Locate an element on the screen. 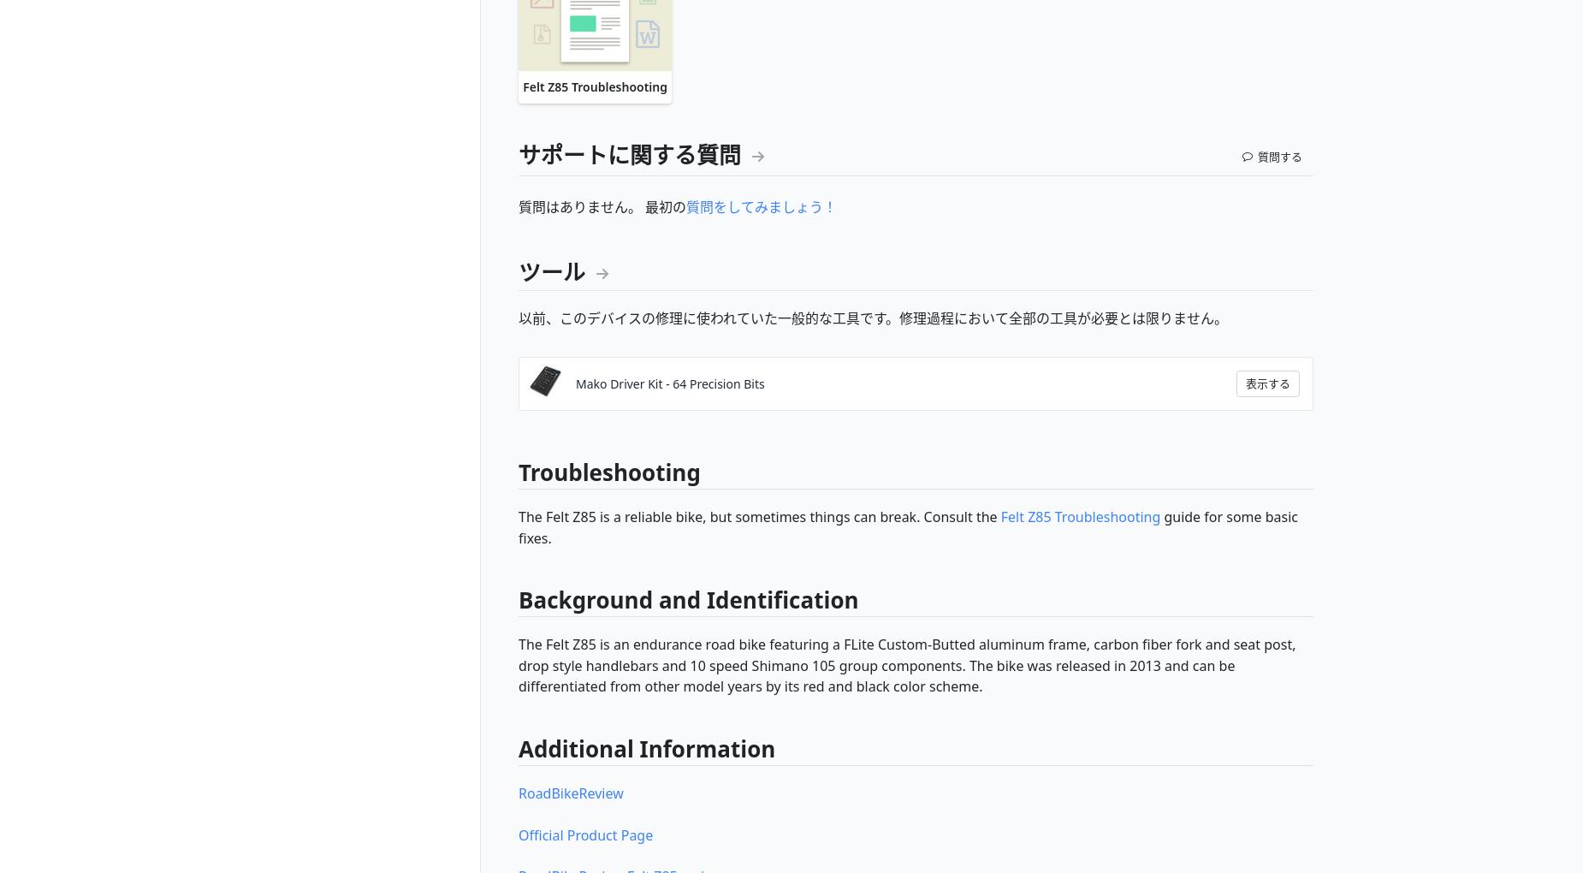 This screenshot has width=1583, height=873. 'RoadBikeReview' is located at coordinates (570, 792).